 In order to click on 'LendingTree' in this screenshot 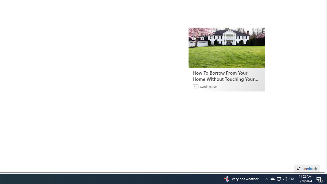, I will do `click(208, 86)`.